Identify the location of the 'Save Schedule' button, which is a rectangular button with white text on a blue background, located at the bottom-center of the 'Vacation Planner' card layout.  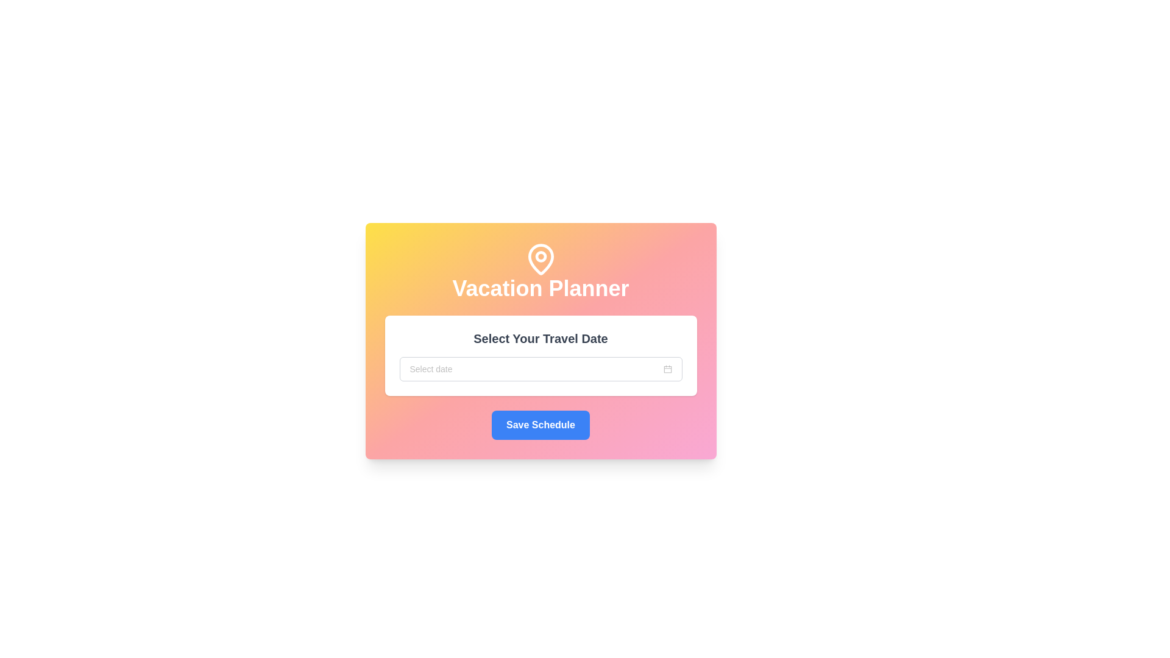
(540, 425).